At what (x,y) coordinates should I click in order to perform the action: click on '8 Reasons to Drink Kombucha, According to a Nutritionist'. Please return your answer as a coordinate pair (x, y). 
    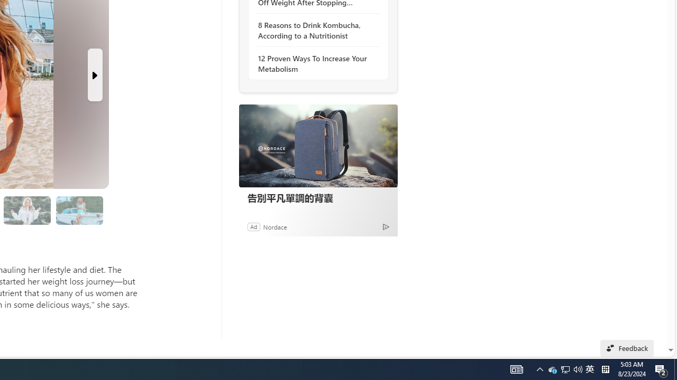
    Looking at the image, I should click on (315, 30).